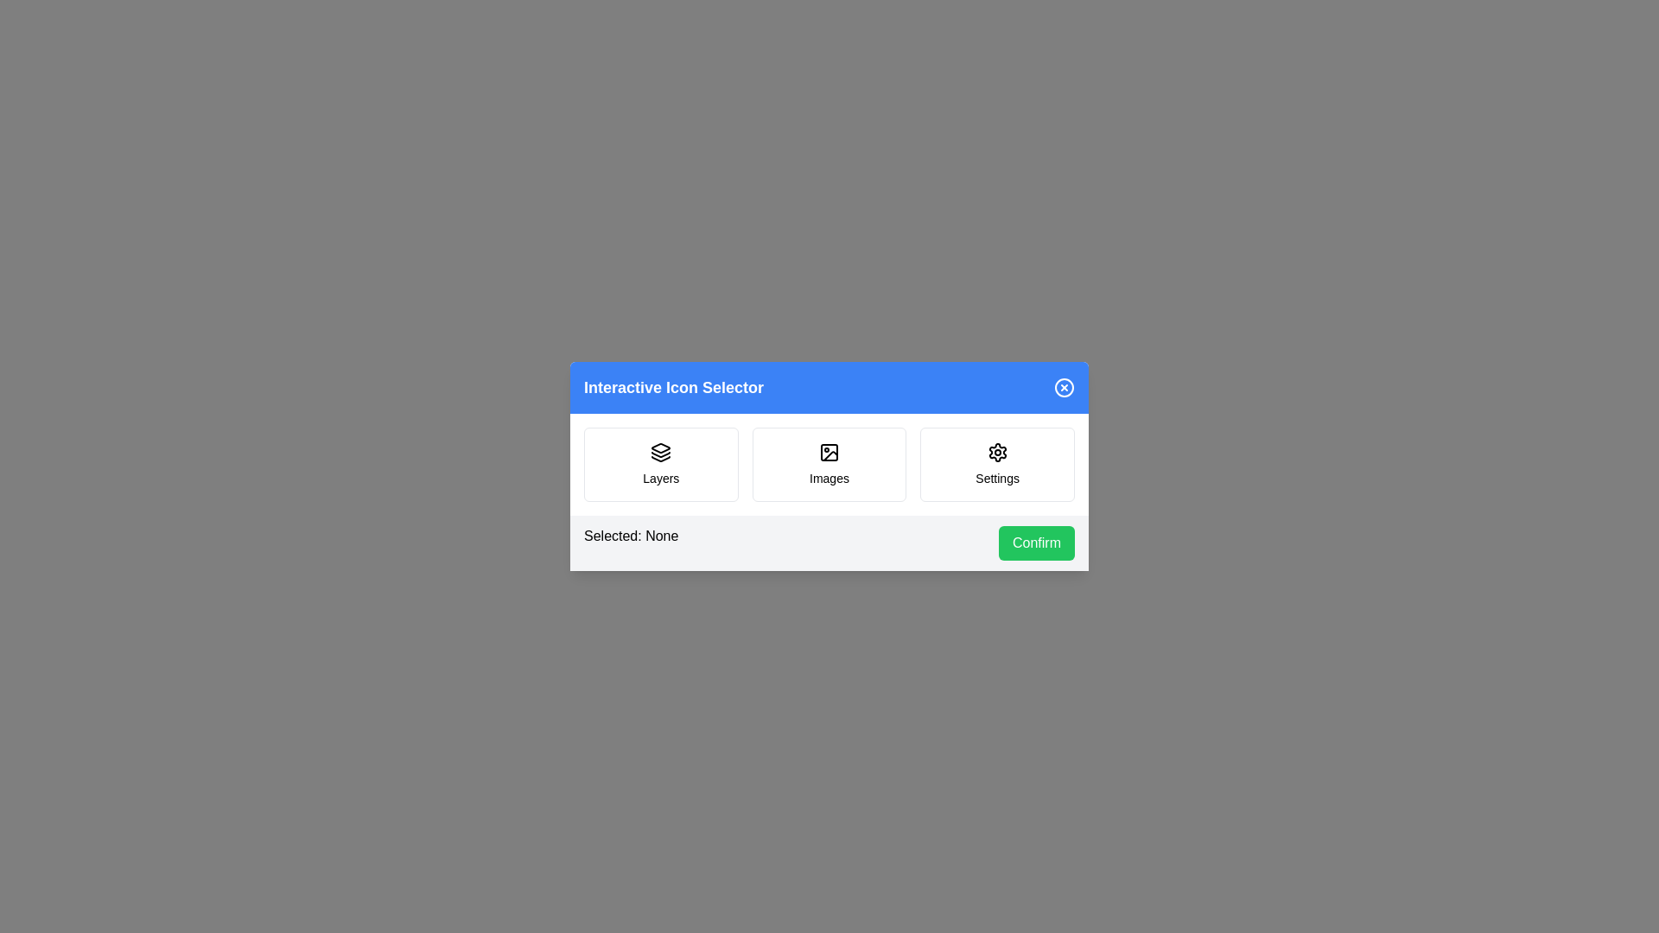  What do you see at coordinates (1064, 386) in the screenshot?
I see `the close button in the top-right corner of the dialog` at bounding box center [1064, 386].